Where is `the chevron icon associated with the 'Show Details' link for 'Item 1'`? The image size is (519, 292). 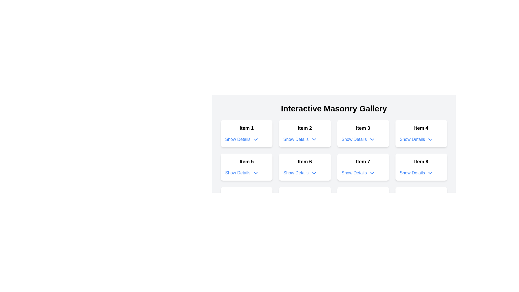
the chevron icon associated with the 'Show Details' link for 'Item 1' is located at coordinates (255, 139).